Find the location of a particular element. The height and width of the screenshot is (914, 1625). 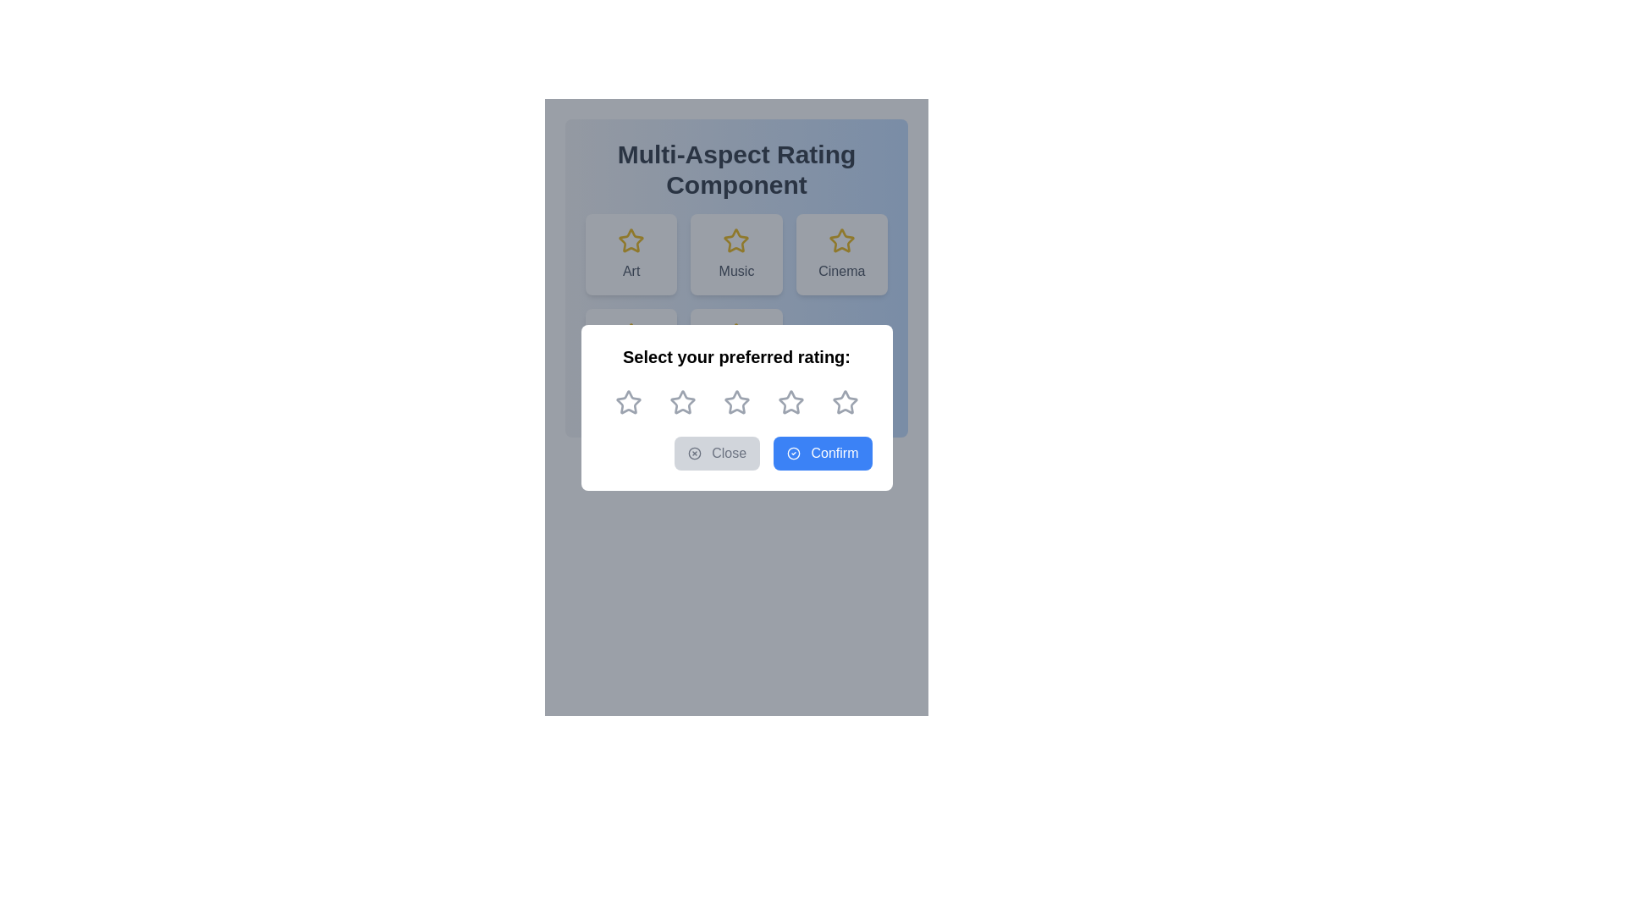

the third star icon in the five-star rating component located in the pop-up modal beneath the title 'Select your preferred rating' is located at coordinates (736, 402).